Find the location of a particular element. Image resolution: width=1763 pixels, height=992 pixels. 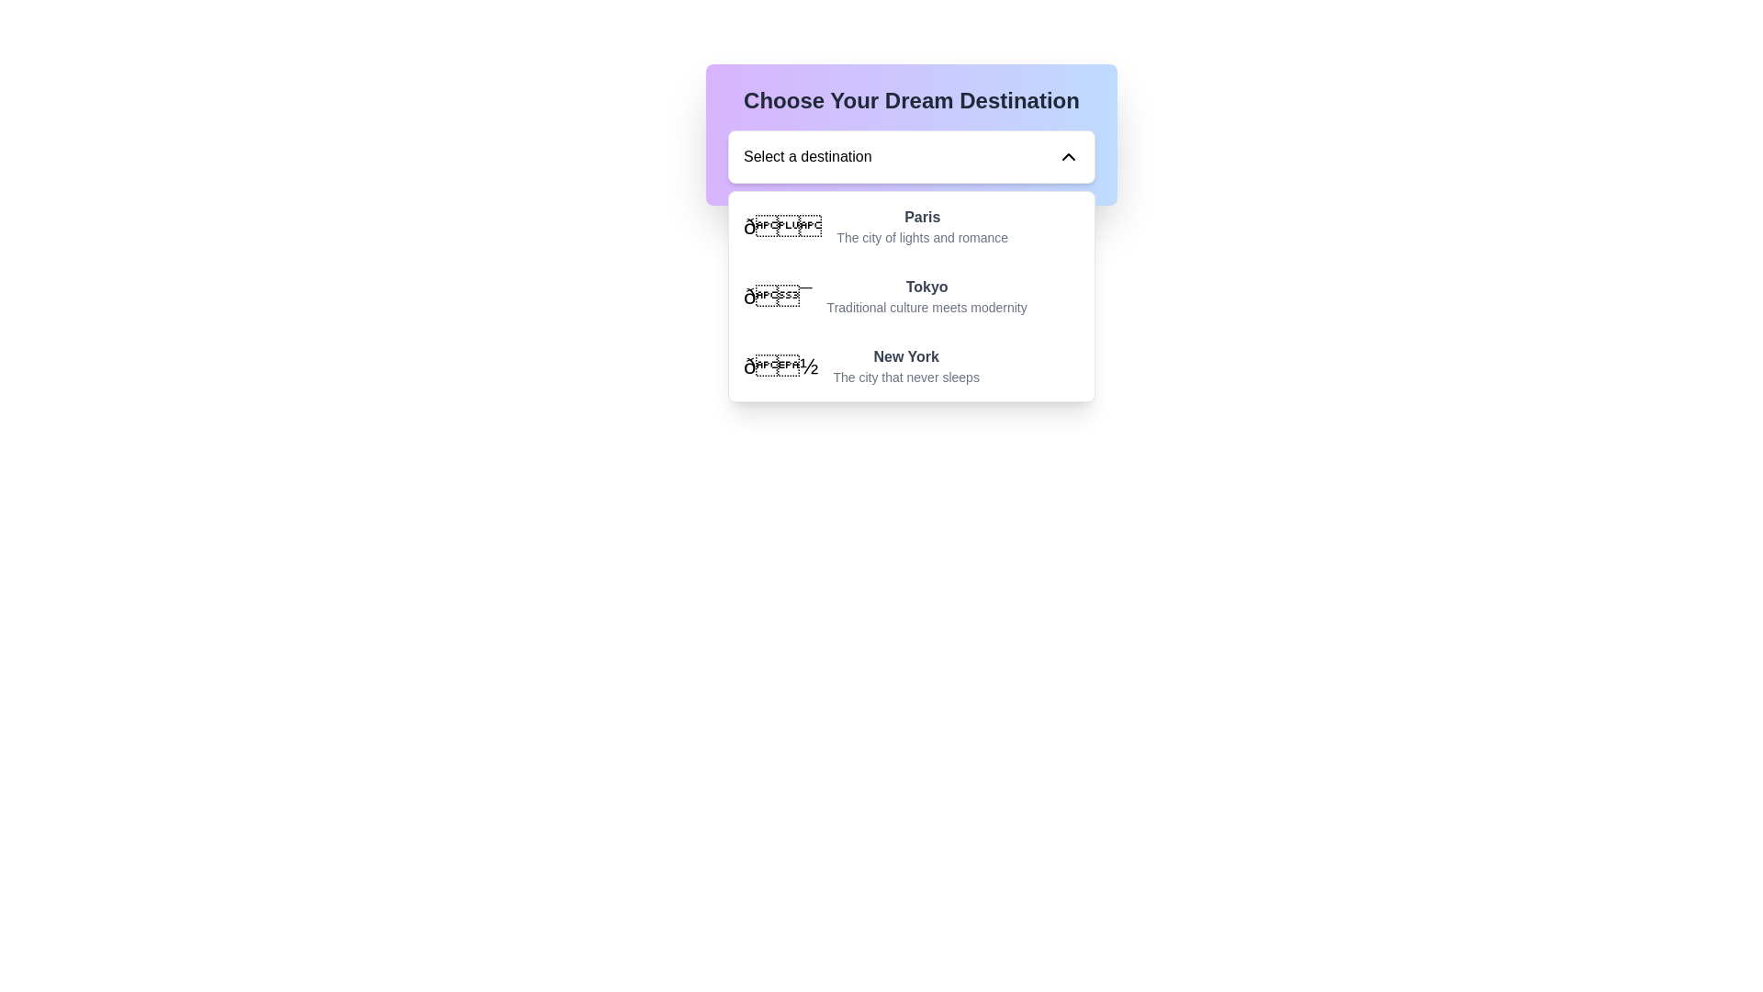

the Dropdown menu located directly below the title 'Choose Your Dream Destination' is located at coordinates (912, 155).